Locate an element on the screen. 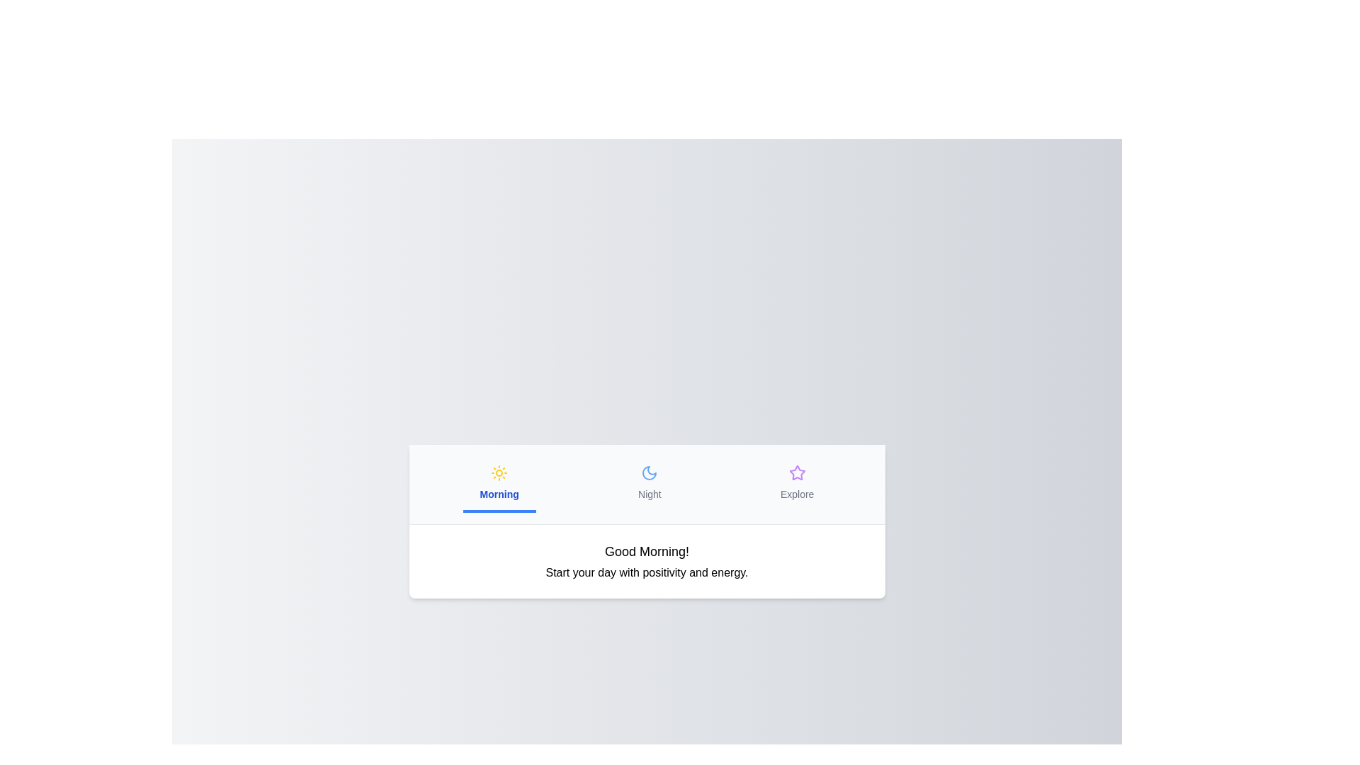  the tab labeled Morning to switch to its content is located at coordinates (499, 483).